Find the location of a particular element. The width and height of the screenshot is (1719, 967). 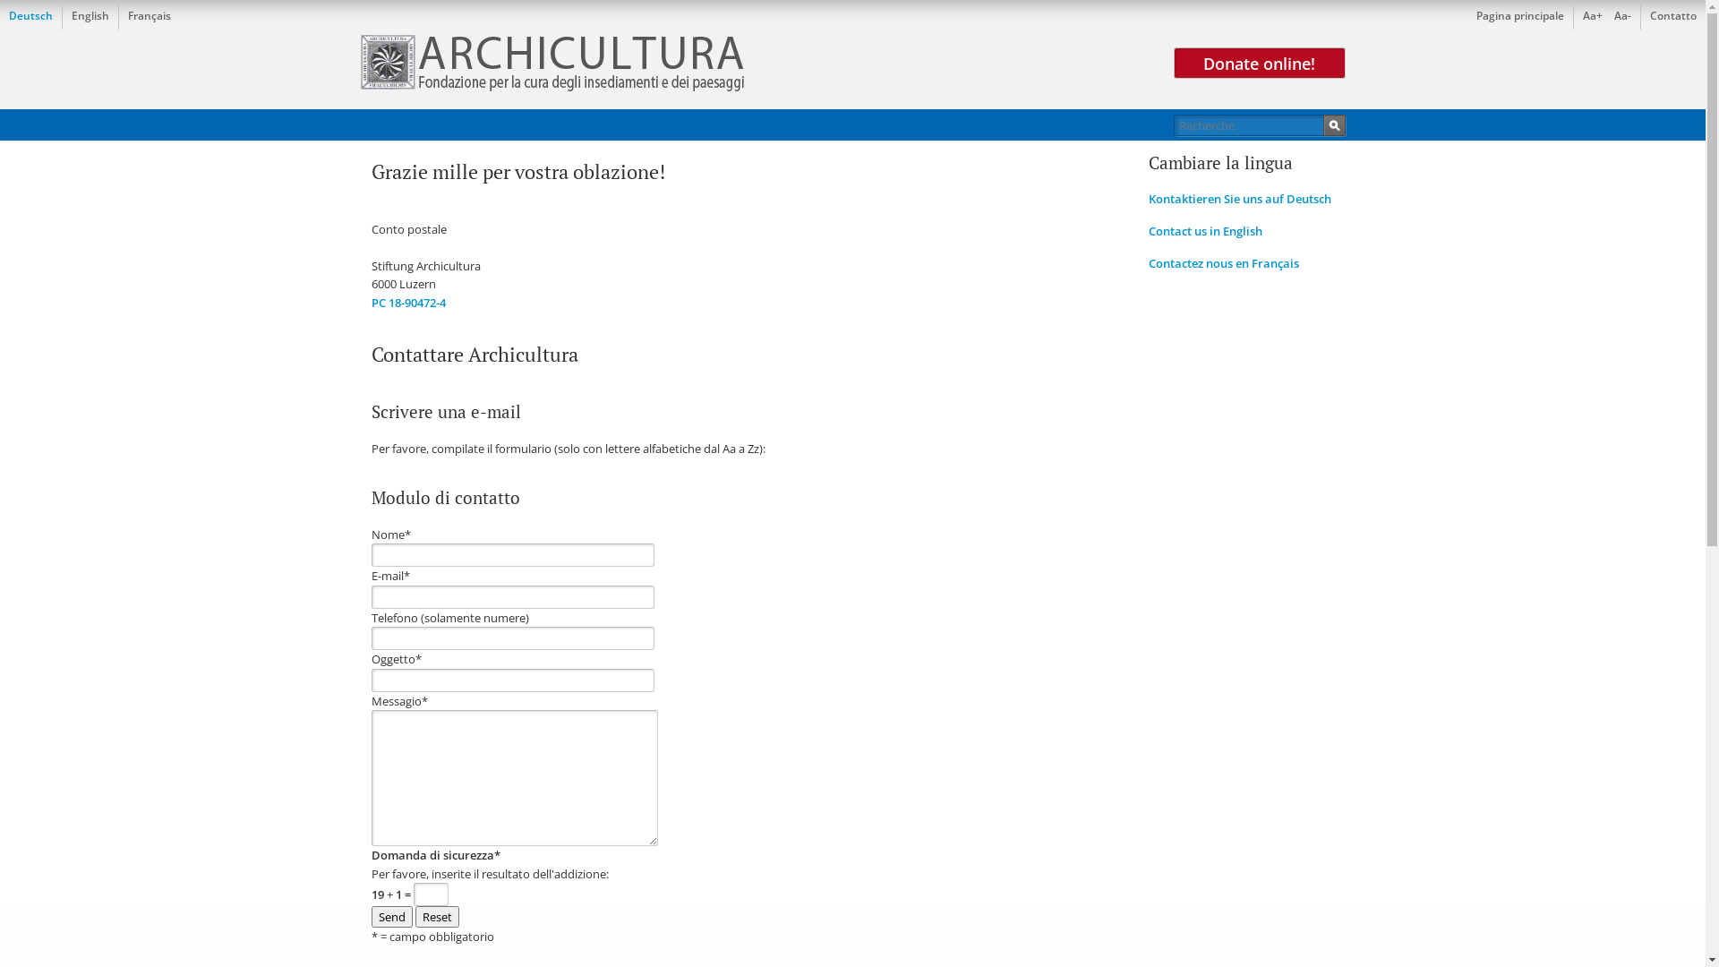

'Deutsch' is located at coordinates (30, 16).